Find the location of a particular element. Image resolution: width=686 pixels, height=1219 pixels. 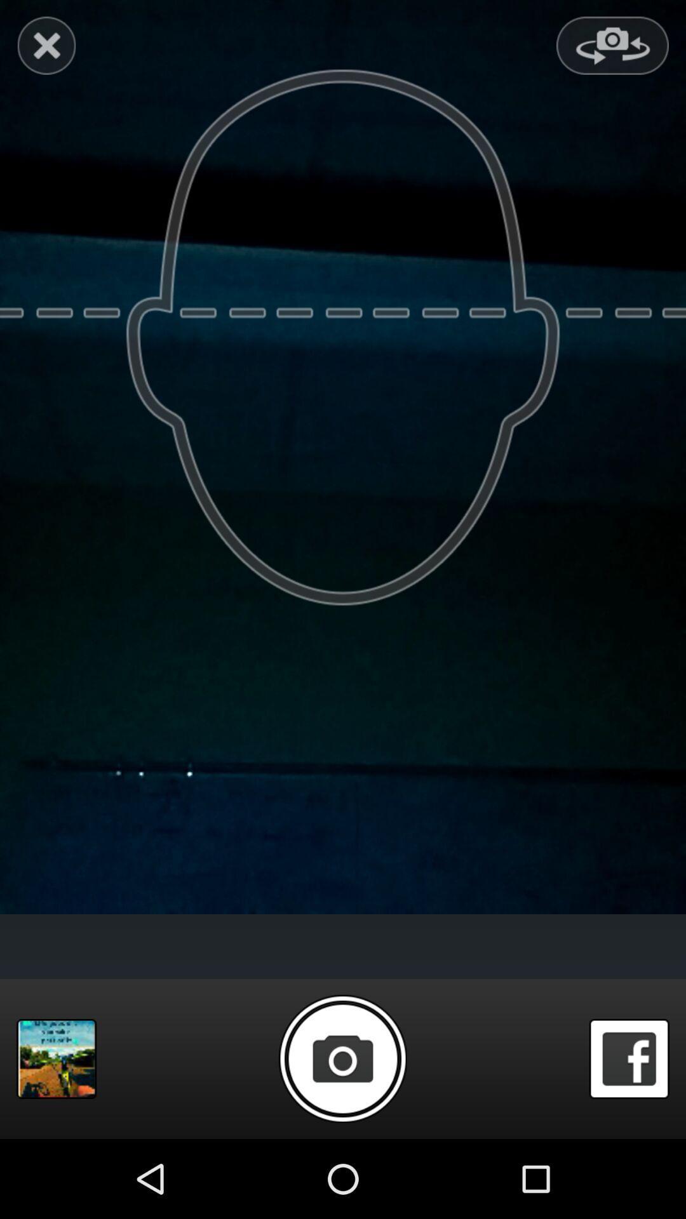

the close icon is located at coordinates (46, 48).